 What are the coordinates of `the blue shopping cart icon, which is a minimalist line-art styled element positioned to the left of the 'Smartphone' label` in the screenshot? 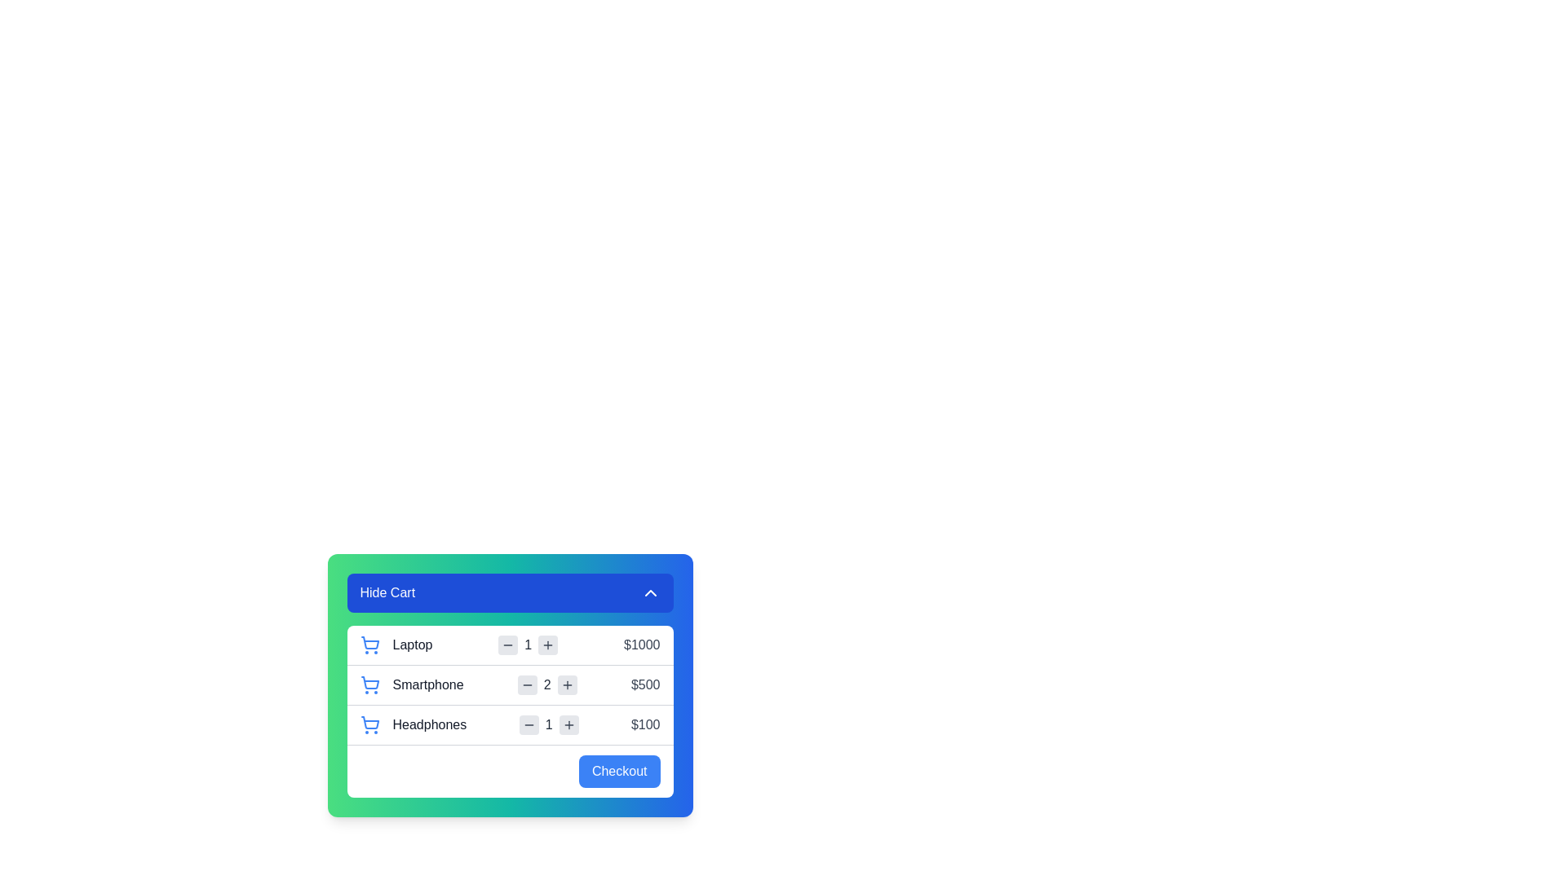 It's located at (369, 684).